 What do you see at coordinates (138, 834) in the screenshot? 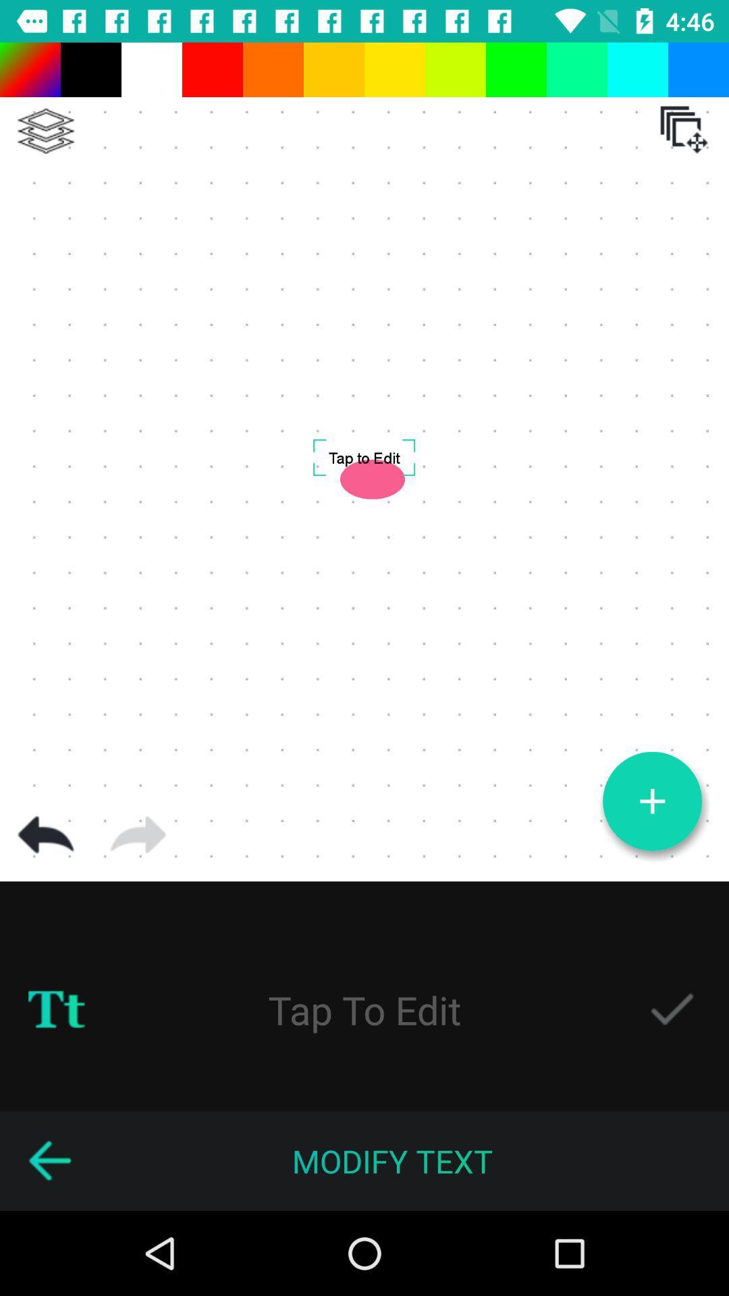
I see `the arrow_forward icon` at bounding box center [138, 834].